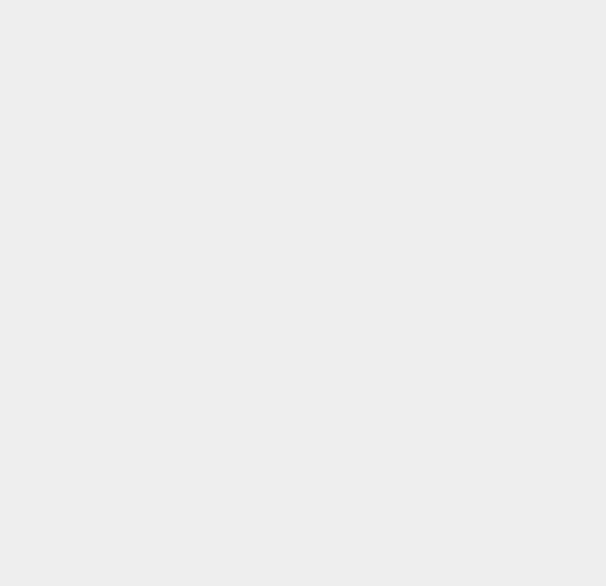  I want to click on 'Bill Gates', so click(444, 126).